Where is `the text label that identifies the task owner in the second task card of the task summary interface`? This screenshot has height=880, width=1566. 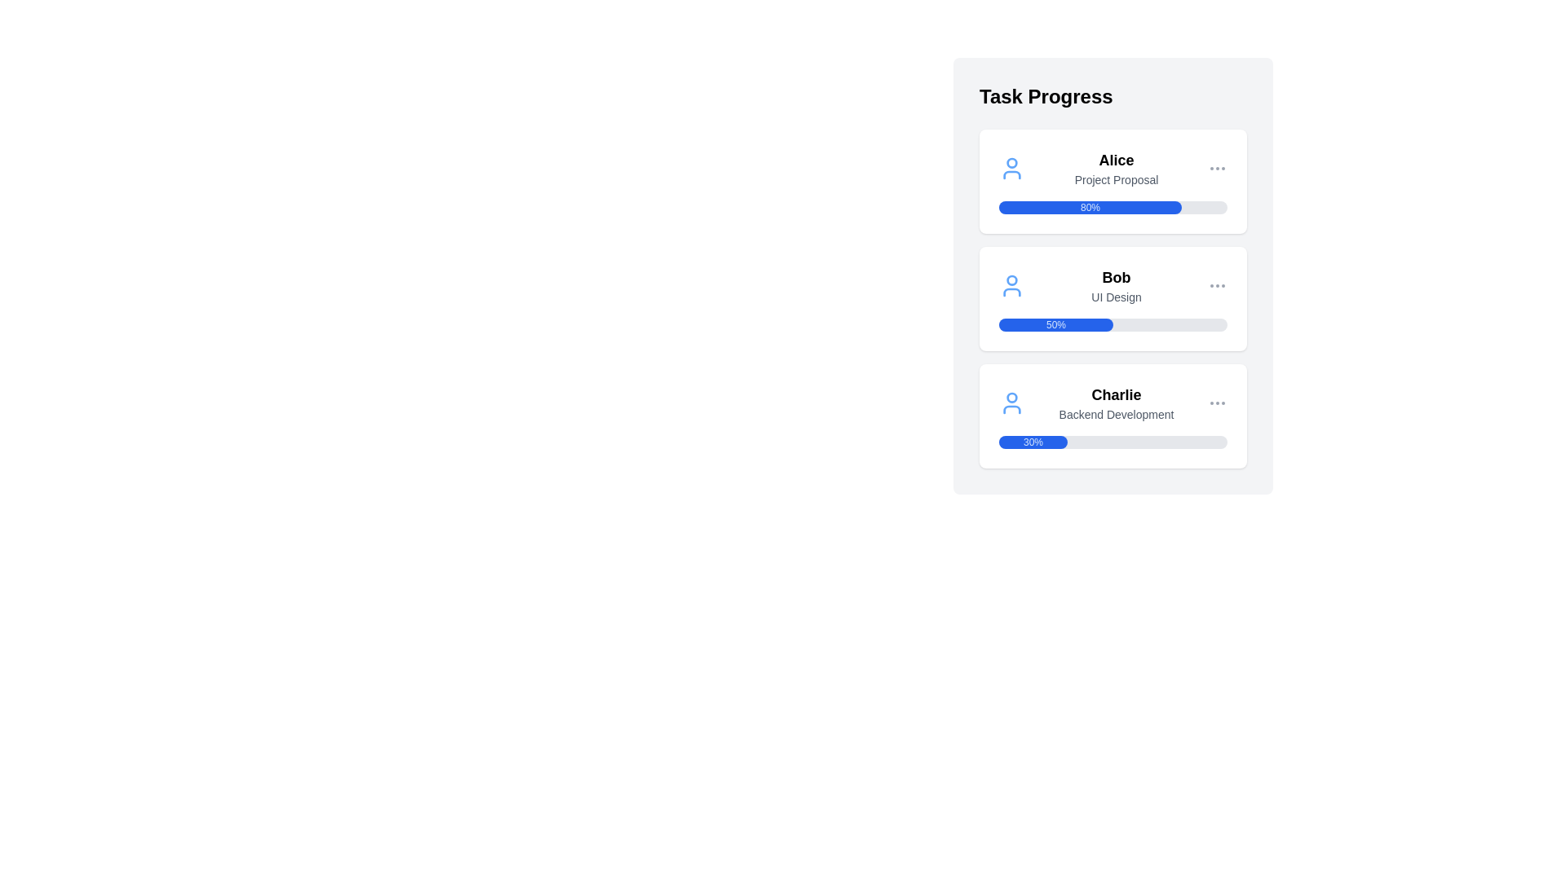 the text label that identifies the task owner in the second task card of the task summary interface is located at coordinates (1115, 276).